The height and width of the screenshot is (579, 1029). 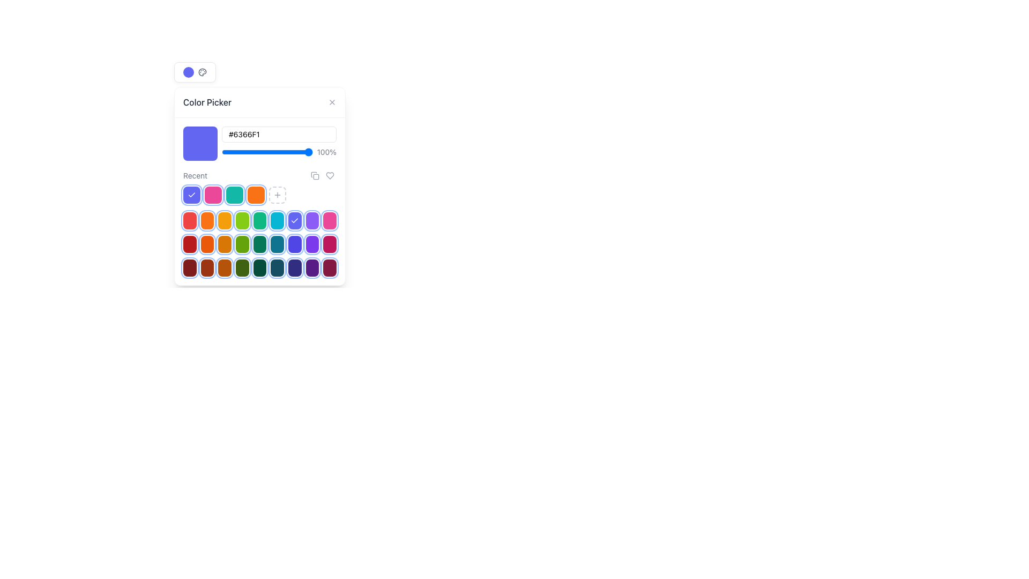 I want to click on the sixth color option in the color picker tool, so click(x=277, y=268).